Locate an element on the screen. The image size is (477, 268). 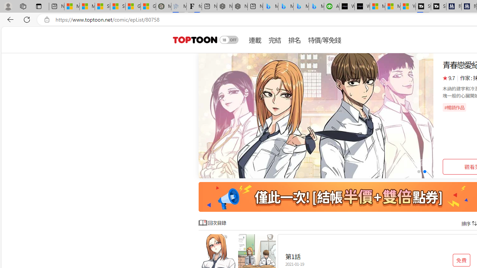
'Microsoft Bing Travel - Shangri-La Hotel Bangkok' is located at coordinates (316, 6).